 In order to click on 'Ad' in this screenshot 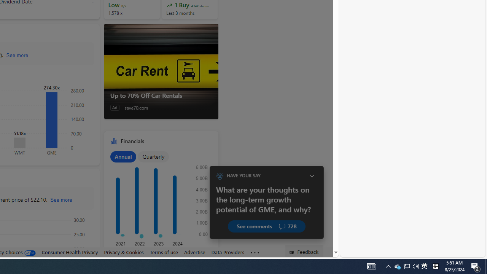, I will do `click(114, 107)`.